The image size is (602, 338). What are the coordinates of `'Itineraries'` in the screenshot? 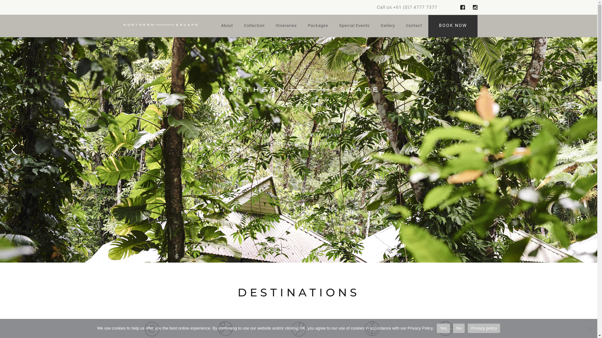 It's located at (286, 26).